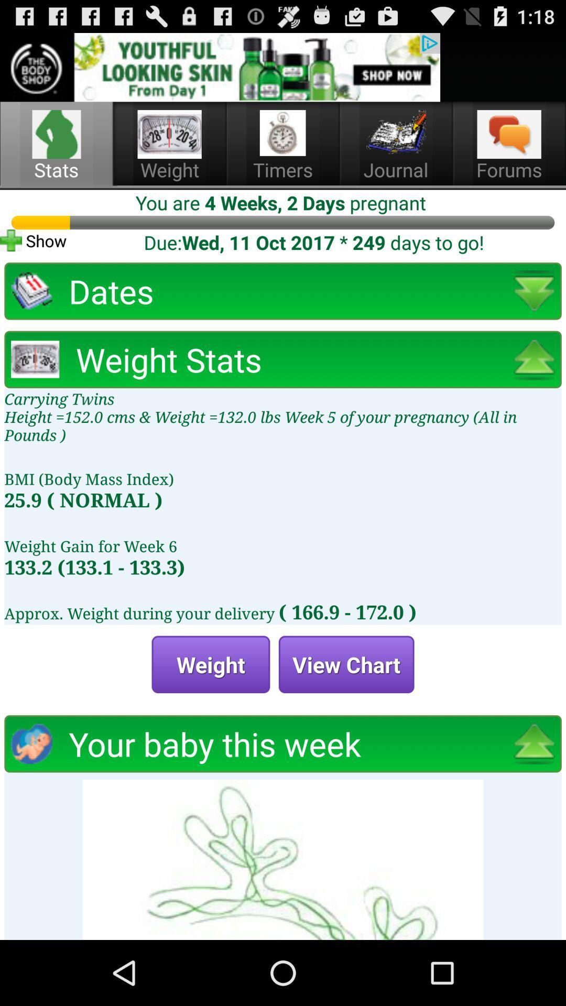 The image size is (566, 1006). What do you see at coordinates (220, 67) in the screenshot?
I see `advertisement option` at bounding box center [220, 67].